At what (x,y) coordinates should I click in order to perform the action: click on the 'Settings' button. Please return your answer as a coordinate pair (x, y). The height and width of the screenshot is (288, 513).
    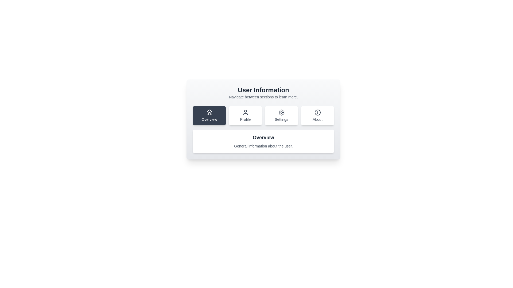
    Looking at the image, I should click on (281, 115).